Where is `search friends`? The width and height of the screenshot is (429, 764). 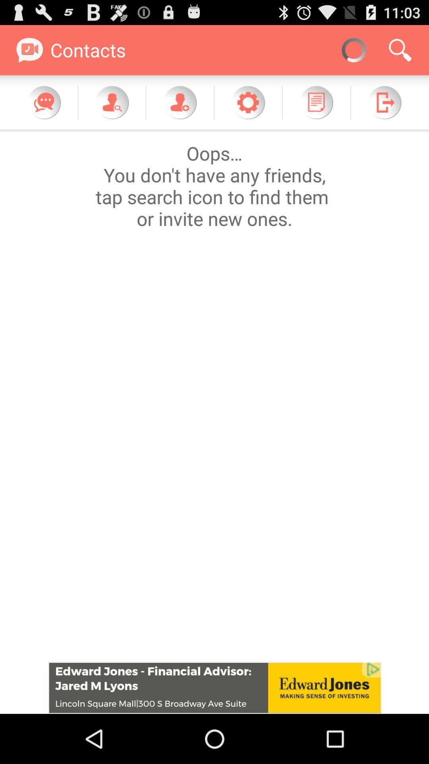 search friends is located at coordinates (112, 102).